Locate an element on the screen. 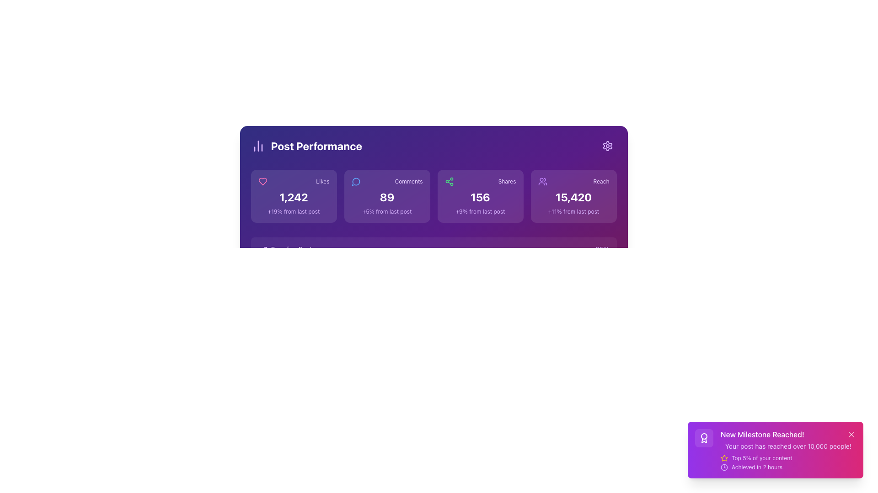 The height and width of the screenshot is (493, 878). the purple card titled 'Reach' that displays '15,420' in bold and has a subtext of '+11% from last post', which is the rightmost card in a grid of four cards labeled 'Likes', 'Comments', 'Shares', and 'Reach' is located at coordinates (573, 195).